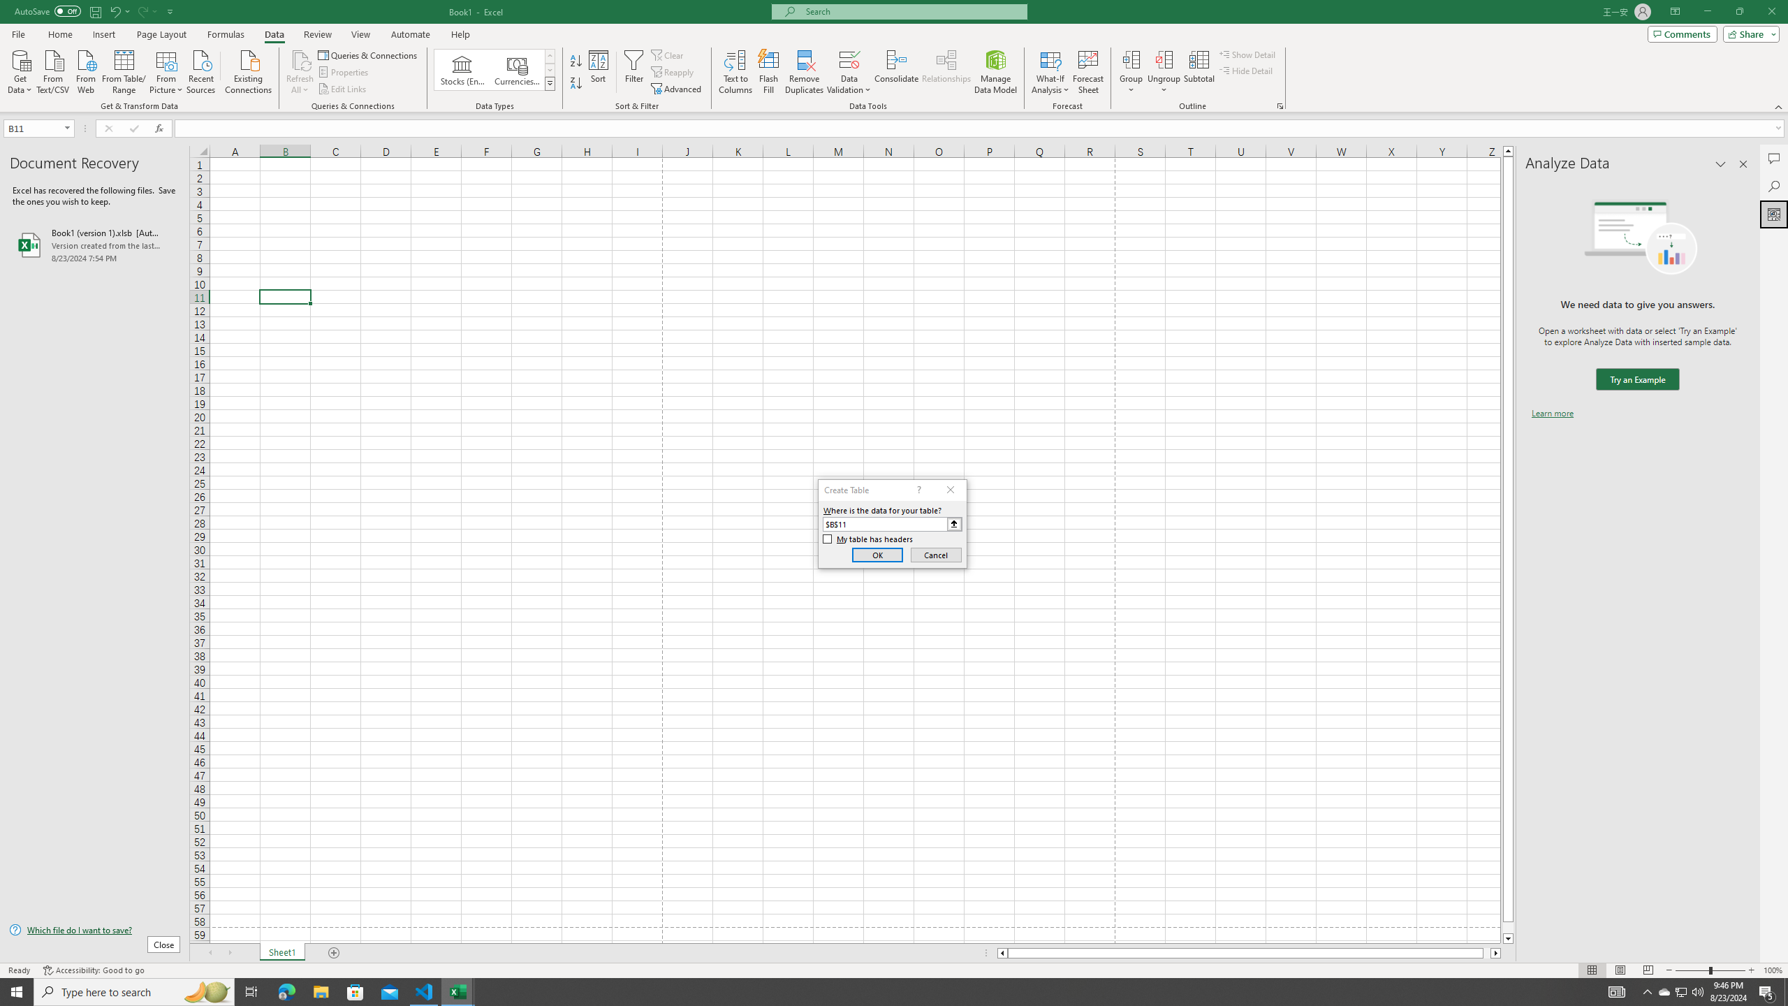 The height and width of the screenshot is (1006, 1788). Describe the element at coordinates (201, 70) in the screenshot. I see `'Recent Sources'` at that location.